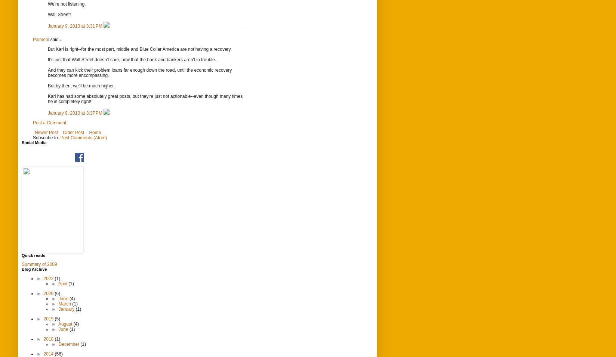 The height and width of the screenshot is (357, 616). I want to click on 'Karl has had some absolutely great posts, but they're just not actionable--even though many times he is completely right!', so click(145, 98).